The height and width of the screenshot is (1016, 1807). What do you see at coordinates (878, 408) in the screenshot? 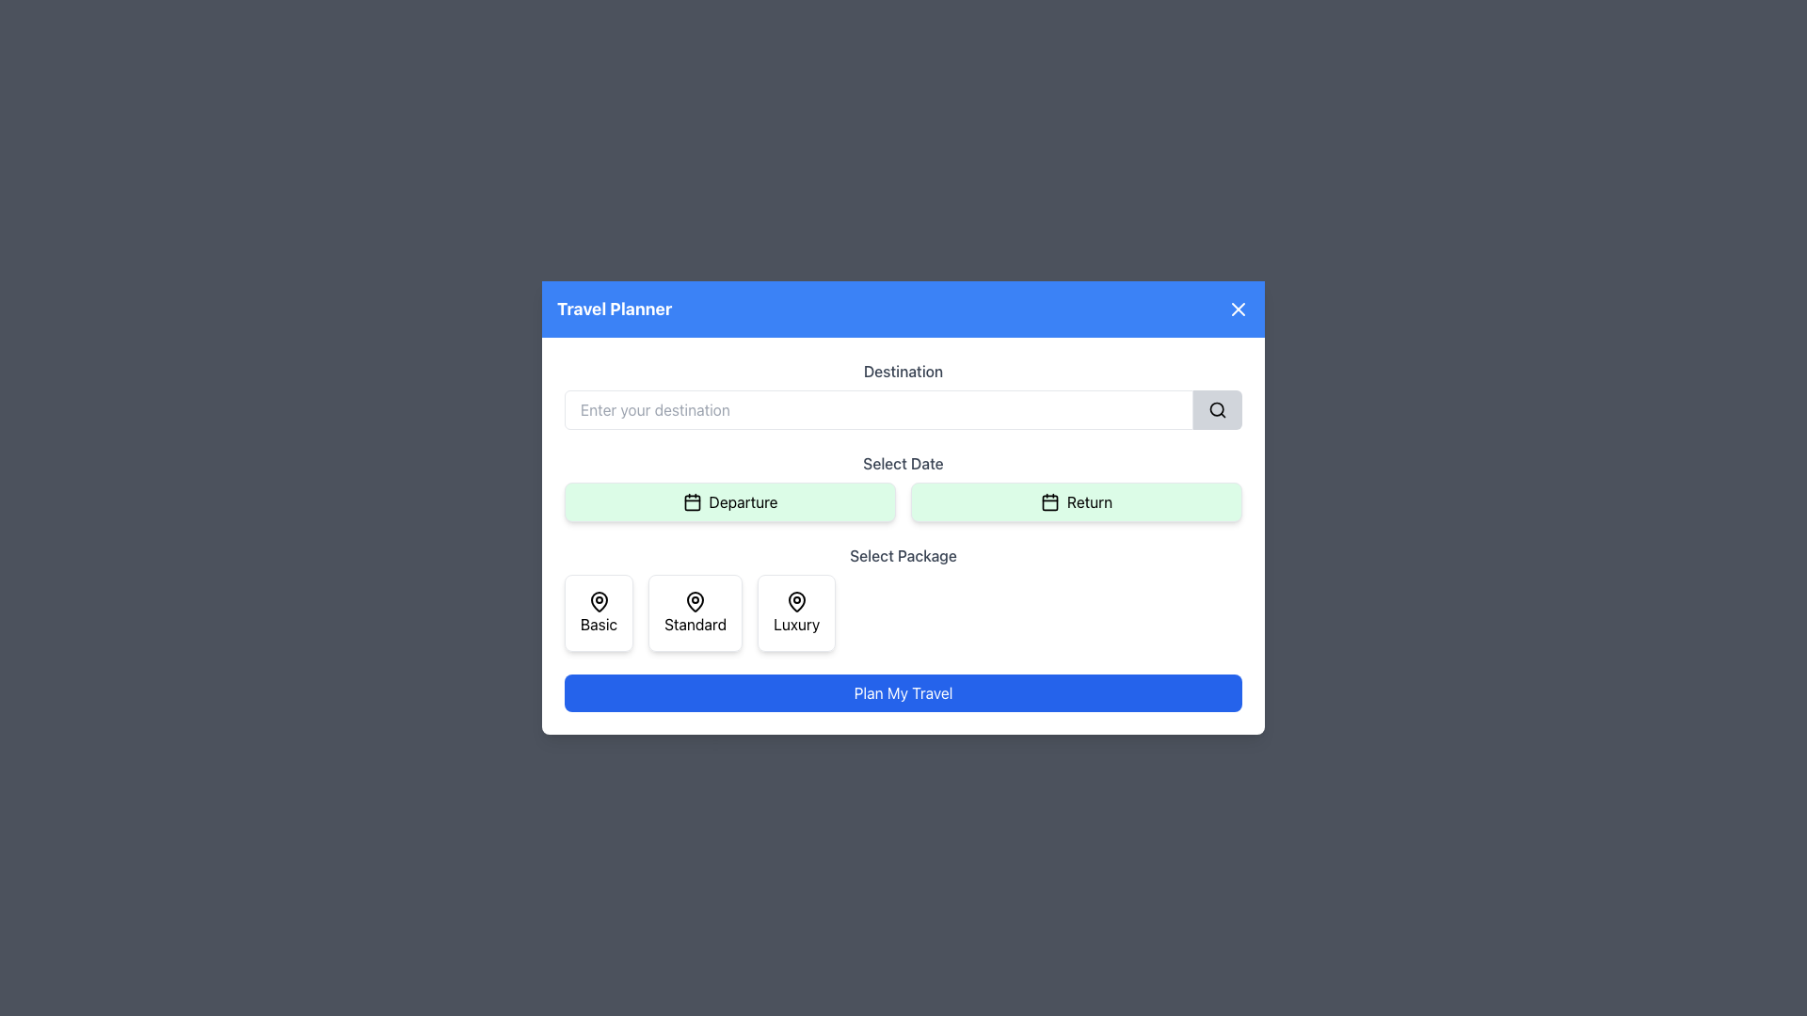
I see `the text input field labeled 'Enter your destination' by using the tab key` at bounding box center [878, 408].